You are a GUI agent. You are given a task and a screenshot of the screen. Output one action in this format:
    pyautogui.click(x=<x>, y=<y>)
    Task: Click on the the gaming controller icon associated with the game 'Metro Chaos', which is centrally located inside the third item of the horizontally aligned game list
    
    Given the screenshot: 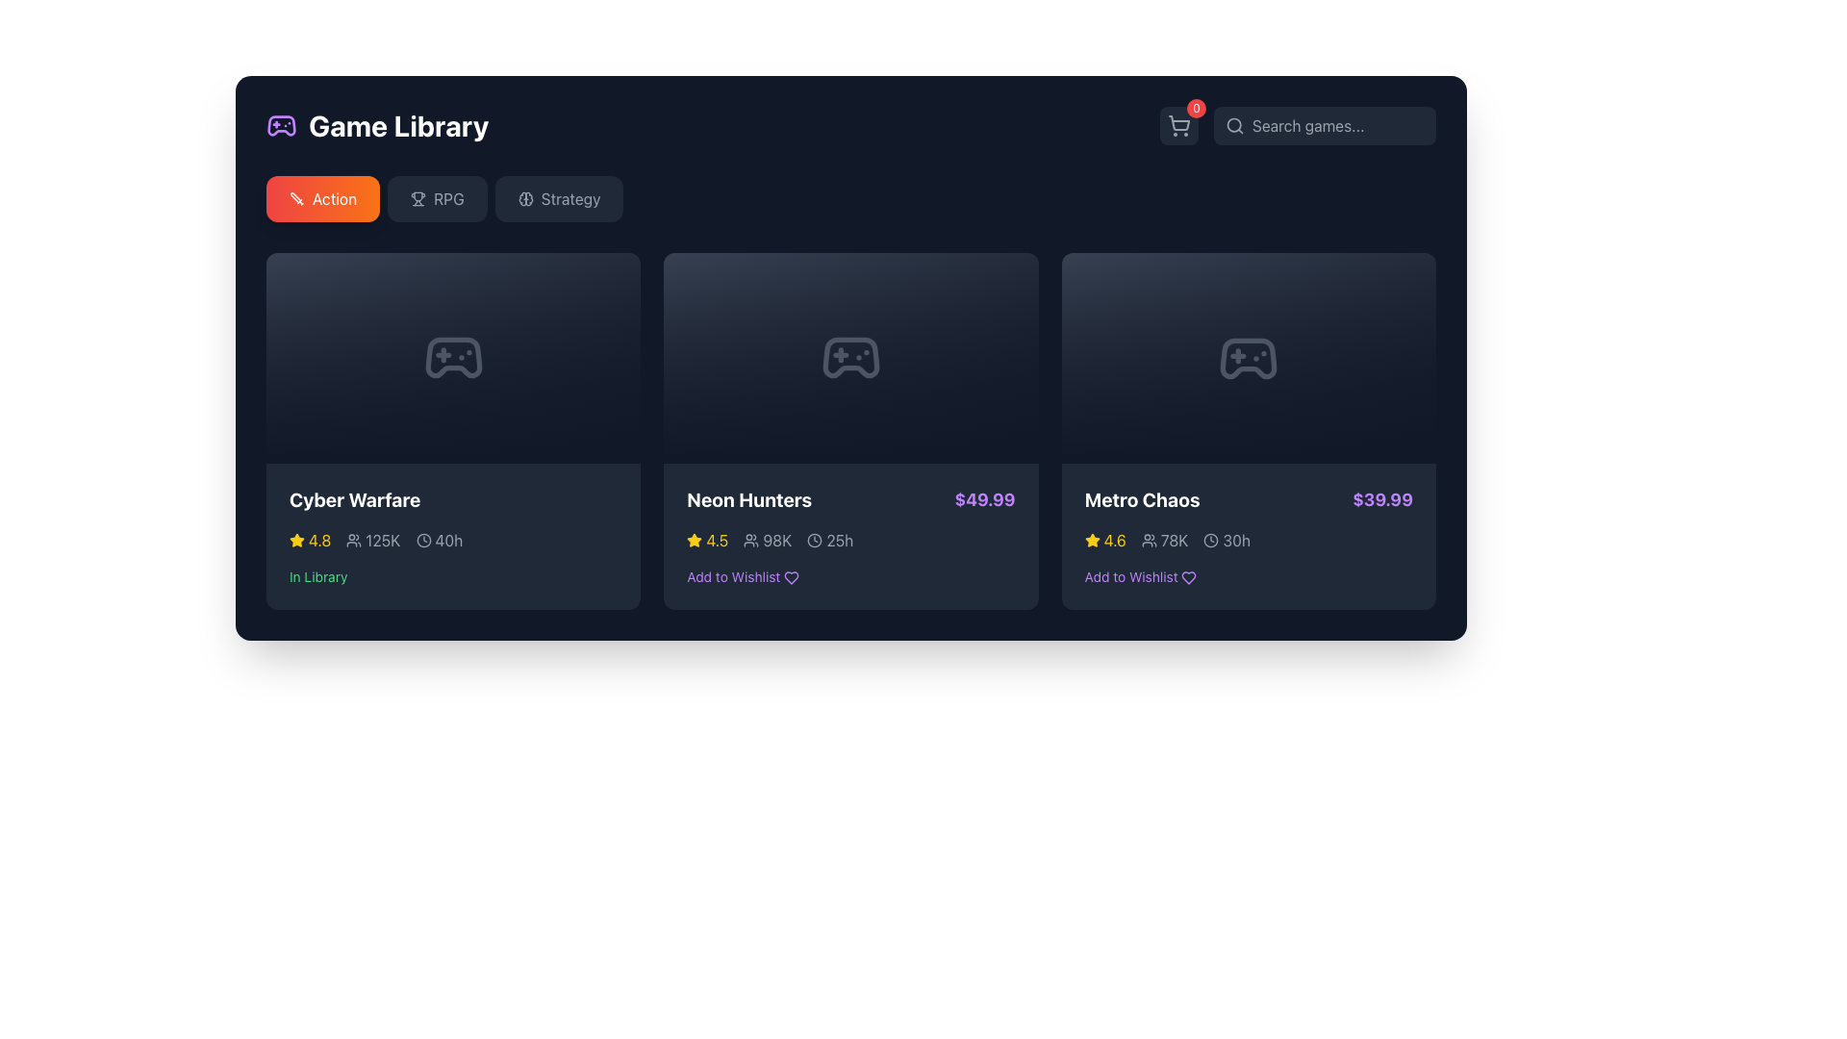 What is the action you would take?
    pyautogui.click(x=1249, y=358)
    